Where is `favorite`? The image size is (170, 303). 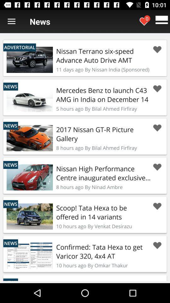
favorite is located at coordinates (157, 206).